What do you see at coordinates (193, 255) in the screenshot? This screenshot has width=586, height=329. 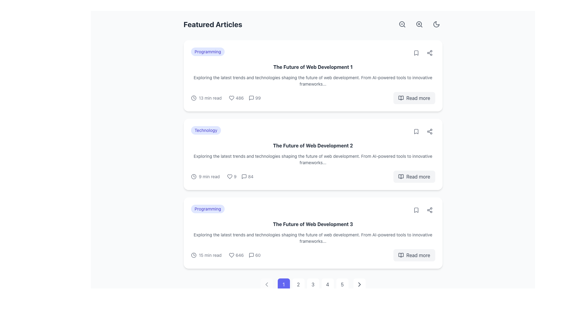 I see `the small gray clock icon located at the lower-left corner of the card for 'The Future of Web Development 3', which is part of the '15 min read' text` at bounding box center [193, 255].